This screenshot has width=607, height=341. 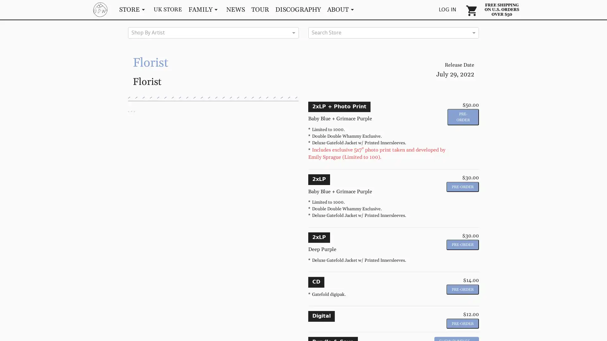 What do you see at coordinates (463, 117) in the screenshot?
I see `Pre-Order` at bounding box center [463, 117].